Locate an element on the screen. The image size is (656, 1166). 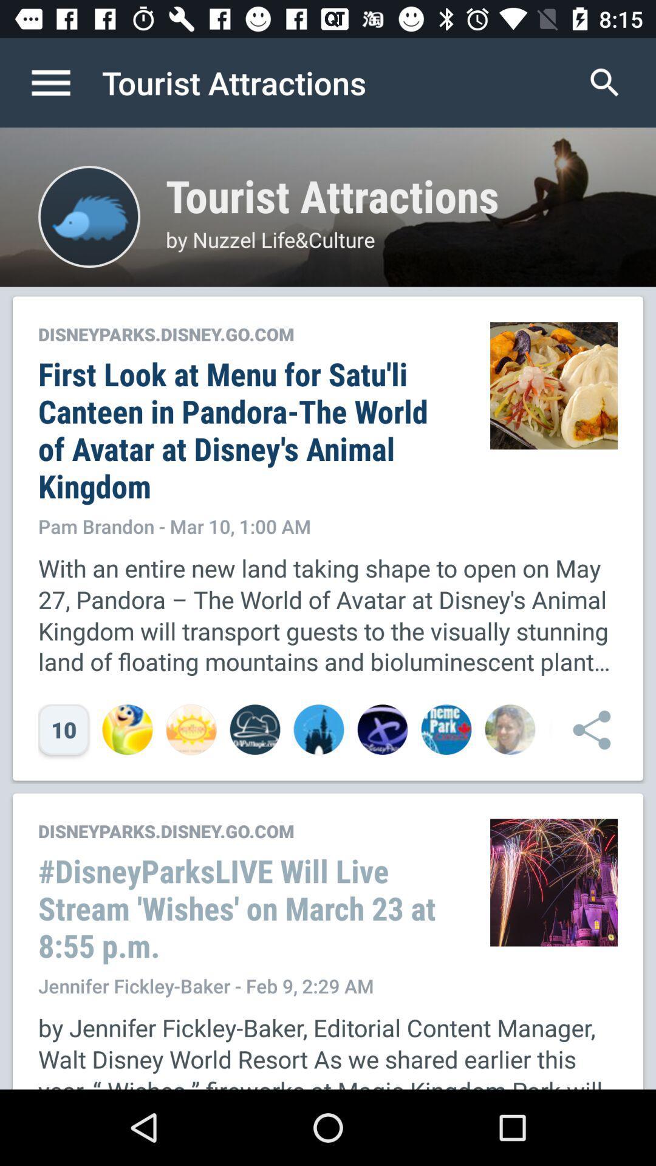
share article is located at coordinates (585, 729).